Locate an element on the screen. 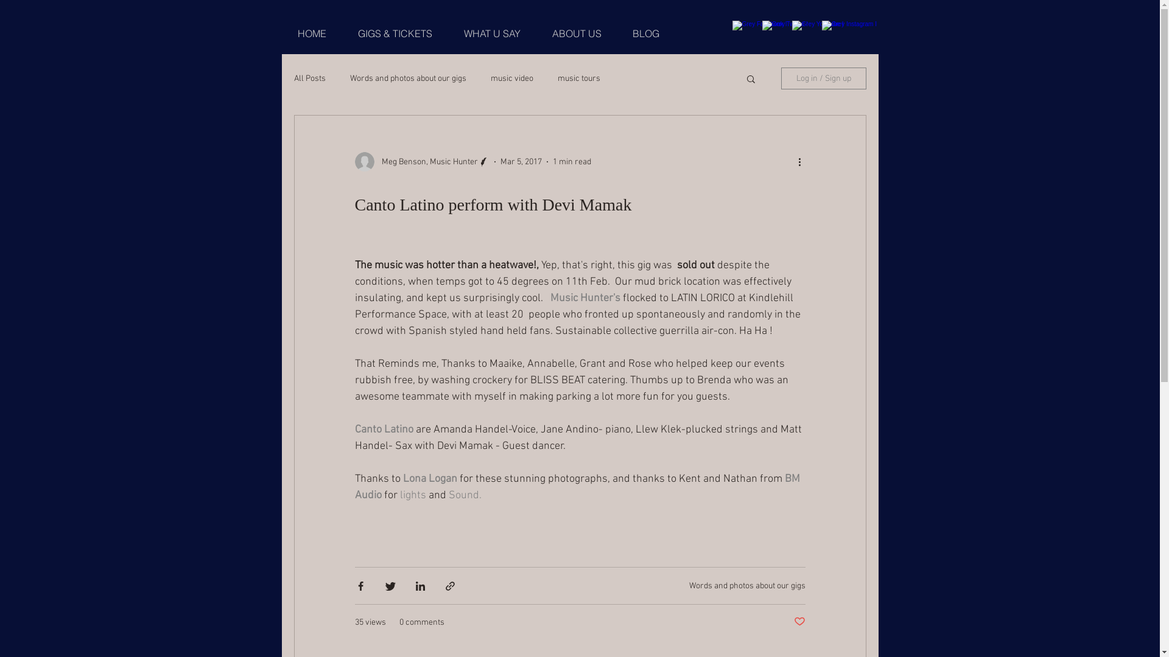 This screenshot has height=657, width=1169. 'Post not marked as liked' is located at coordinates (799, 622).